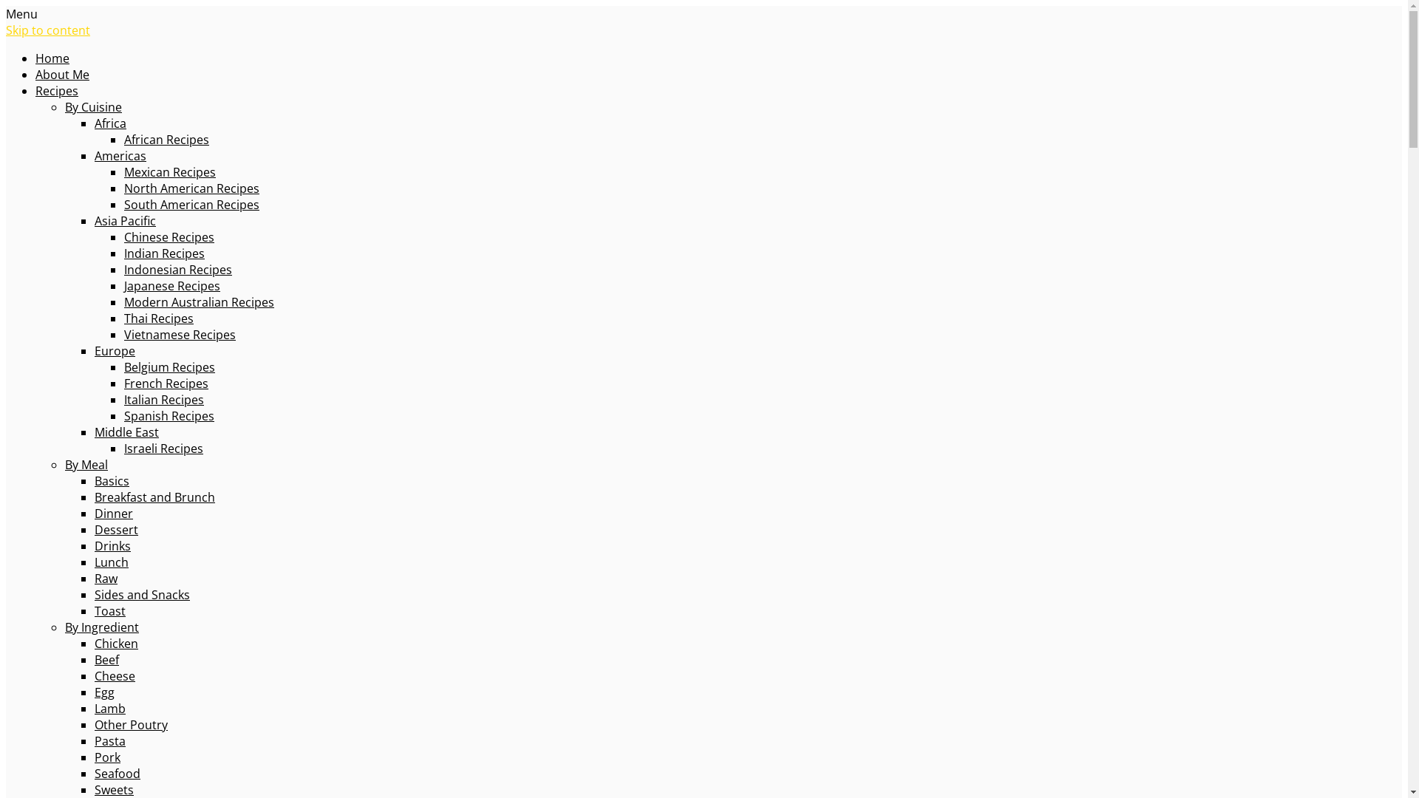  What do you see at coordinates (115, 643) in the screenshot?
I see `'Chicken'` at bounding box center [115, 643].